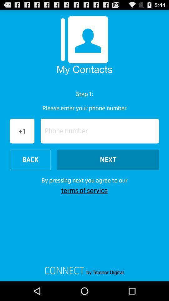  I want to click on the item above the back icon, so click(100, 131).